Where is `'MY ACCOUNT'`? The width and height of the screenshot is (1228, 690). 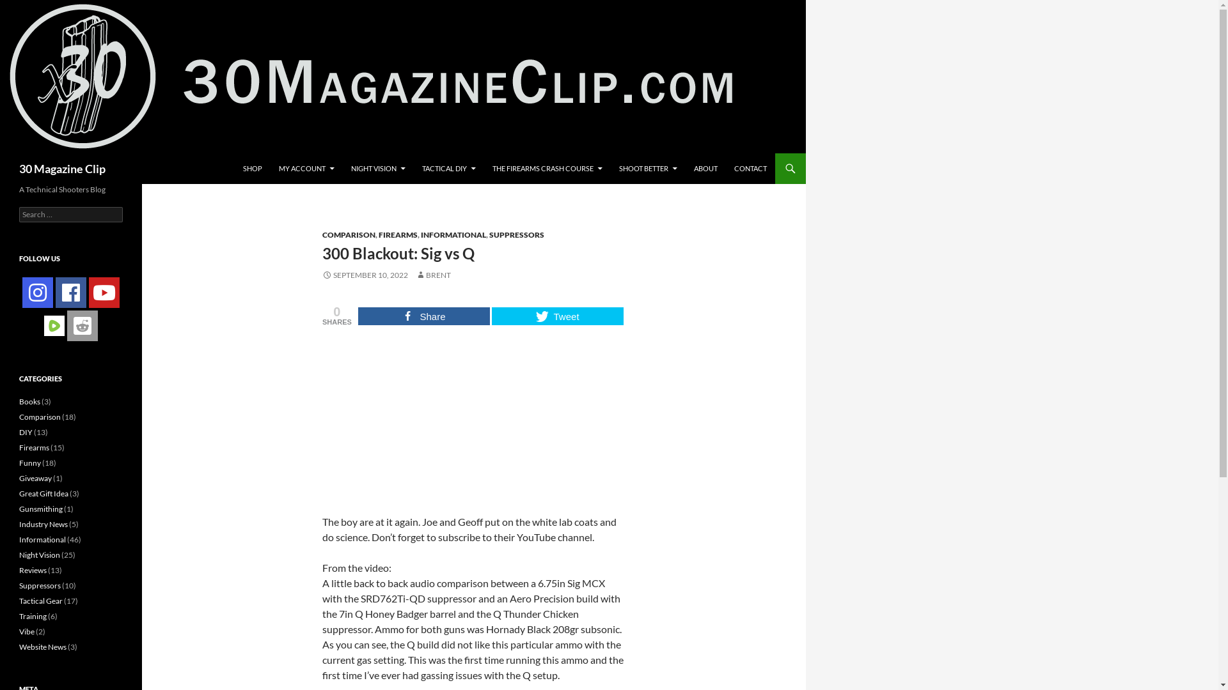
'MY ACCOUNT' is located at coordinates (306, 167).